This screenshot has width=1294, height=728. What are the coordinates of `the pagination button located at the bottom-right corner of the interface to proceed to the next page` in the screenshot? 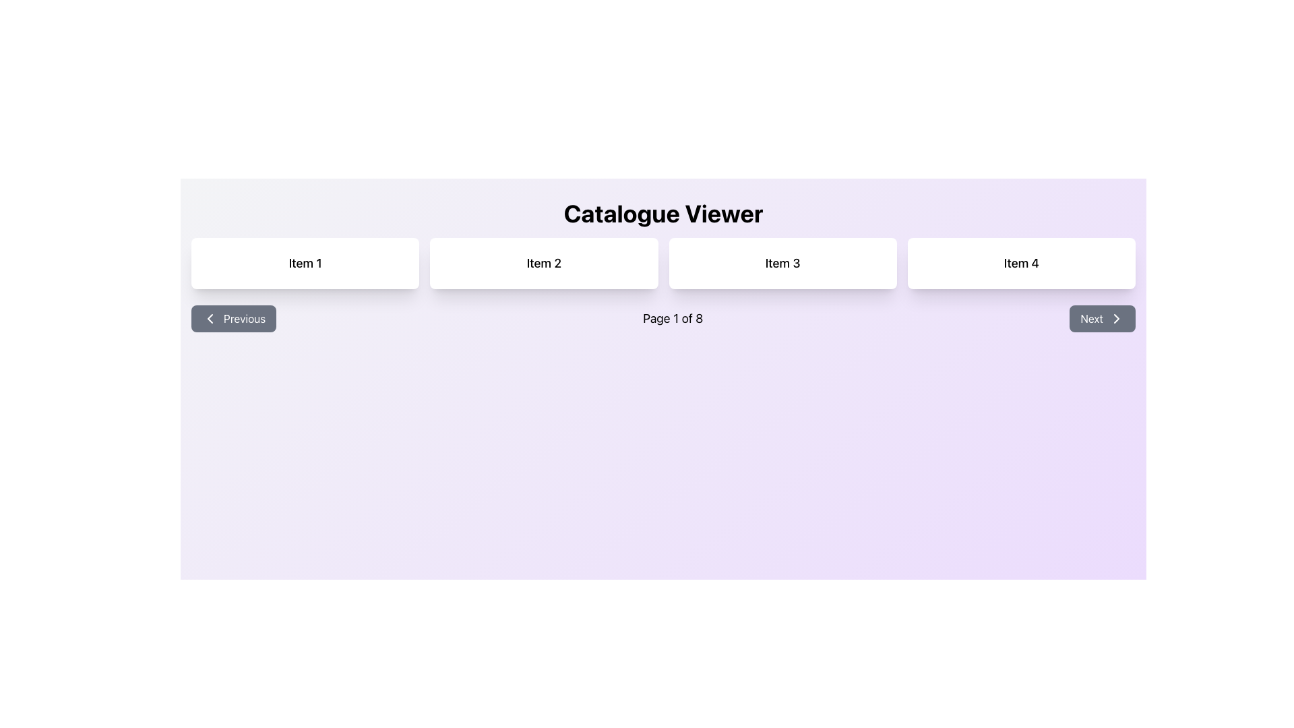 It's located at (1103, 319).